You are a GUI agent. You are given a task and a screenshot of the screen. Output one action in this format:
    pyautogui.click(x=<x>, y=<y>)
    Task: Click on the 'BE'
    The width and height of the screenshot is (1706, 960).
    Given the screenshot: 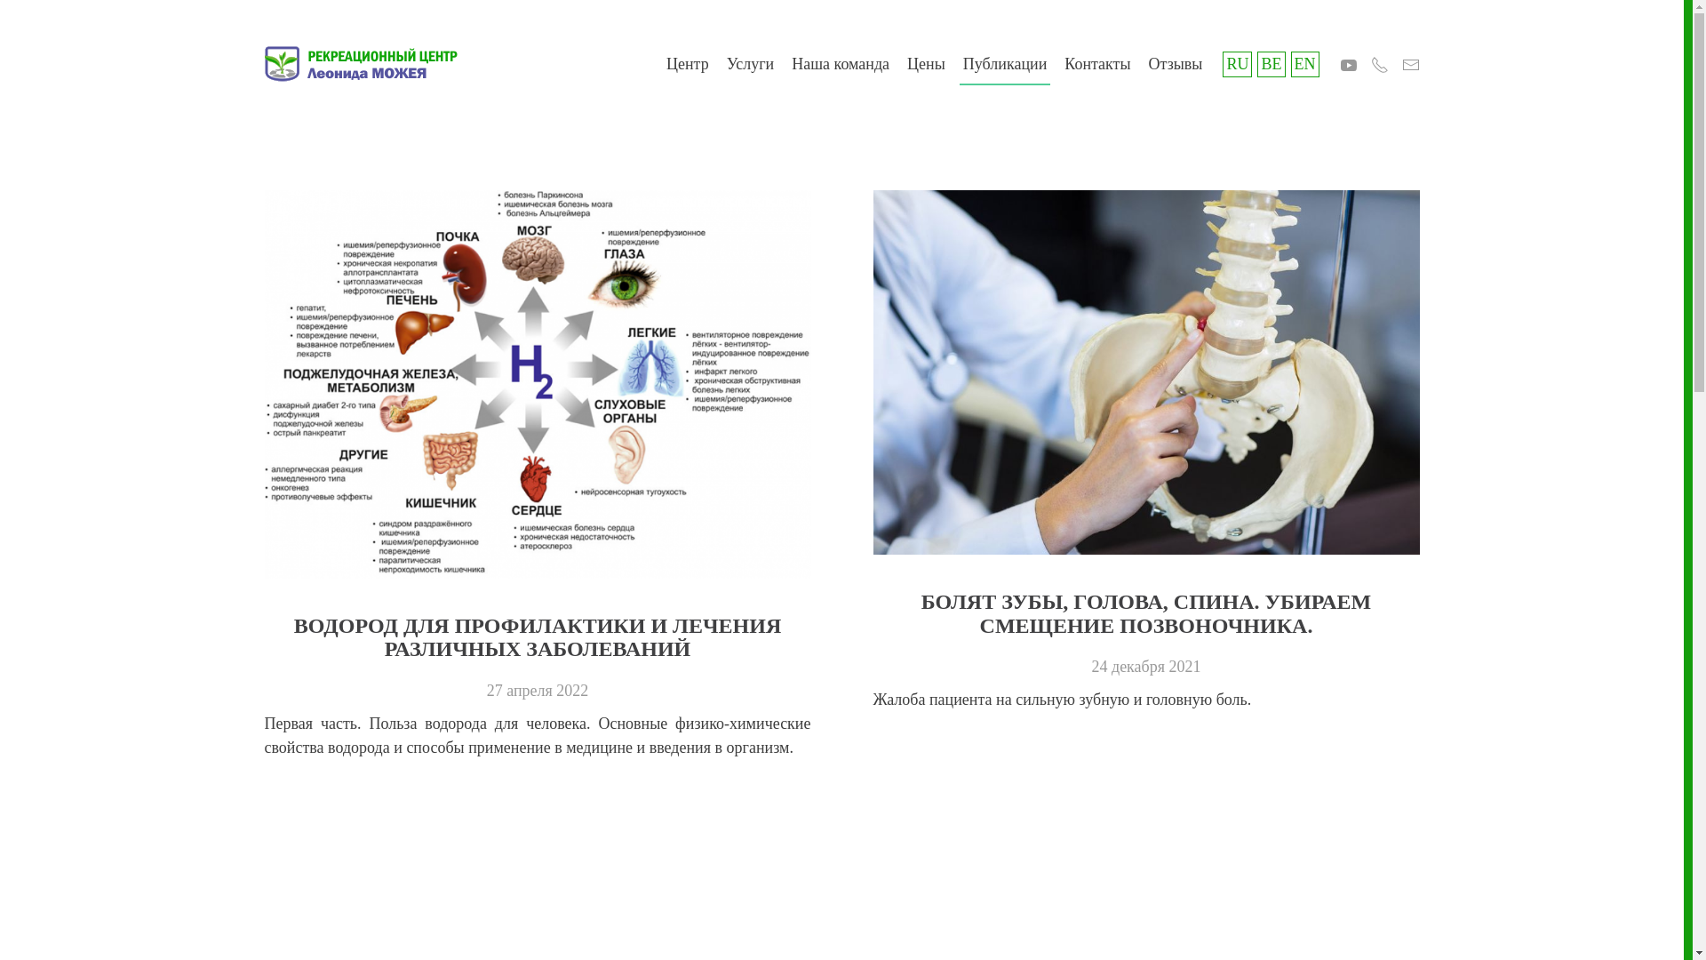 What is the action you would take?
    pyautogui.click(x=1270, y=63)
    